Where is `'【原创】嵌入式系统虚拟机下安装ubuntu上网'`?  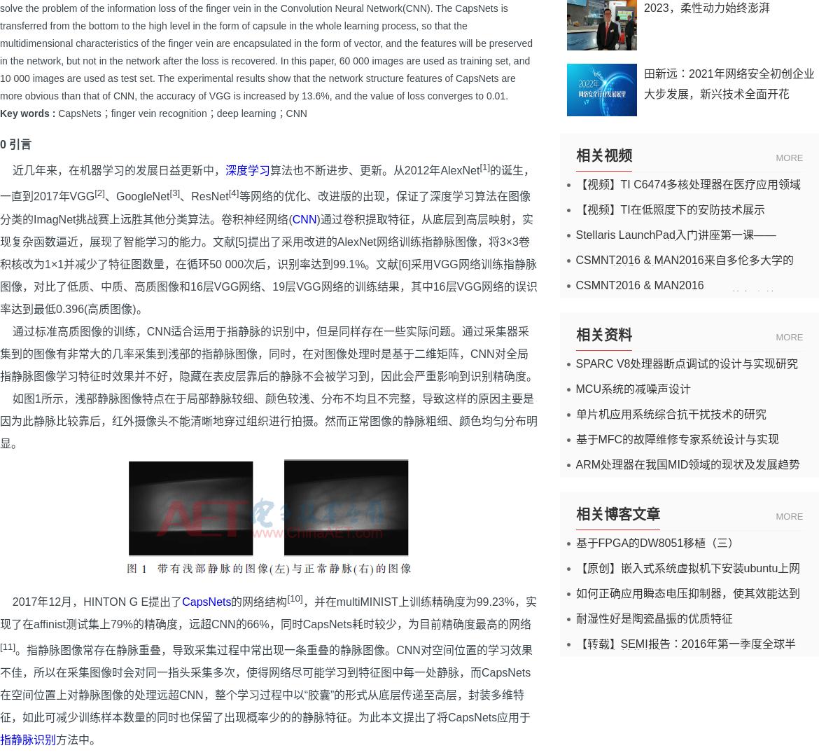 '【原创】嵌入式系统虚拟机下安装ubuntu上网' is located at coordinates (575, 568).